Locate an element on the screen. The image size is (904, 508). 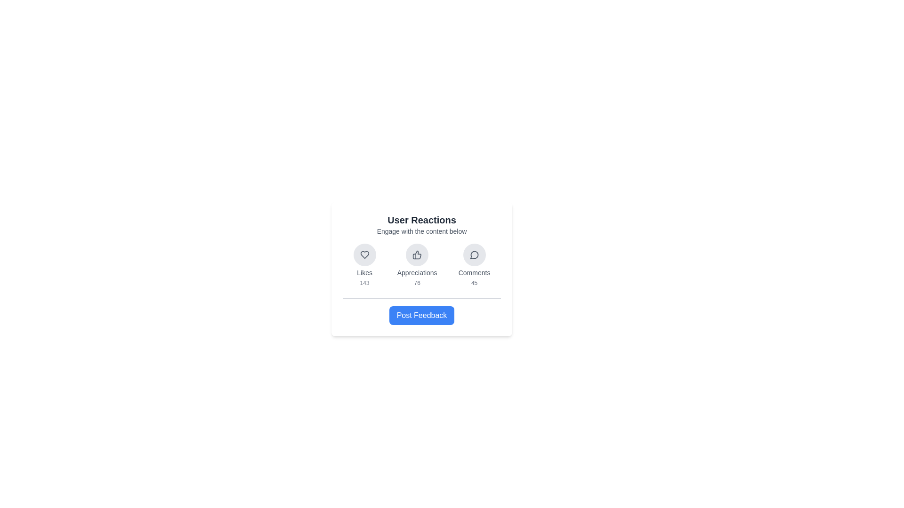
the heart-shaped icon for 'Likes' located under the 'User Reactions' title, which shows the number '143', as part of a larger feedback mechanism is located at coordinates (364, 255).